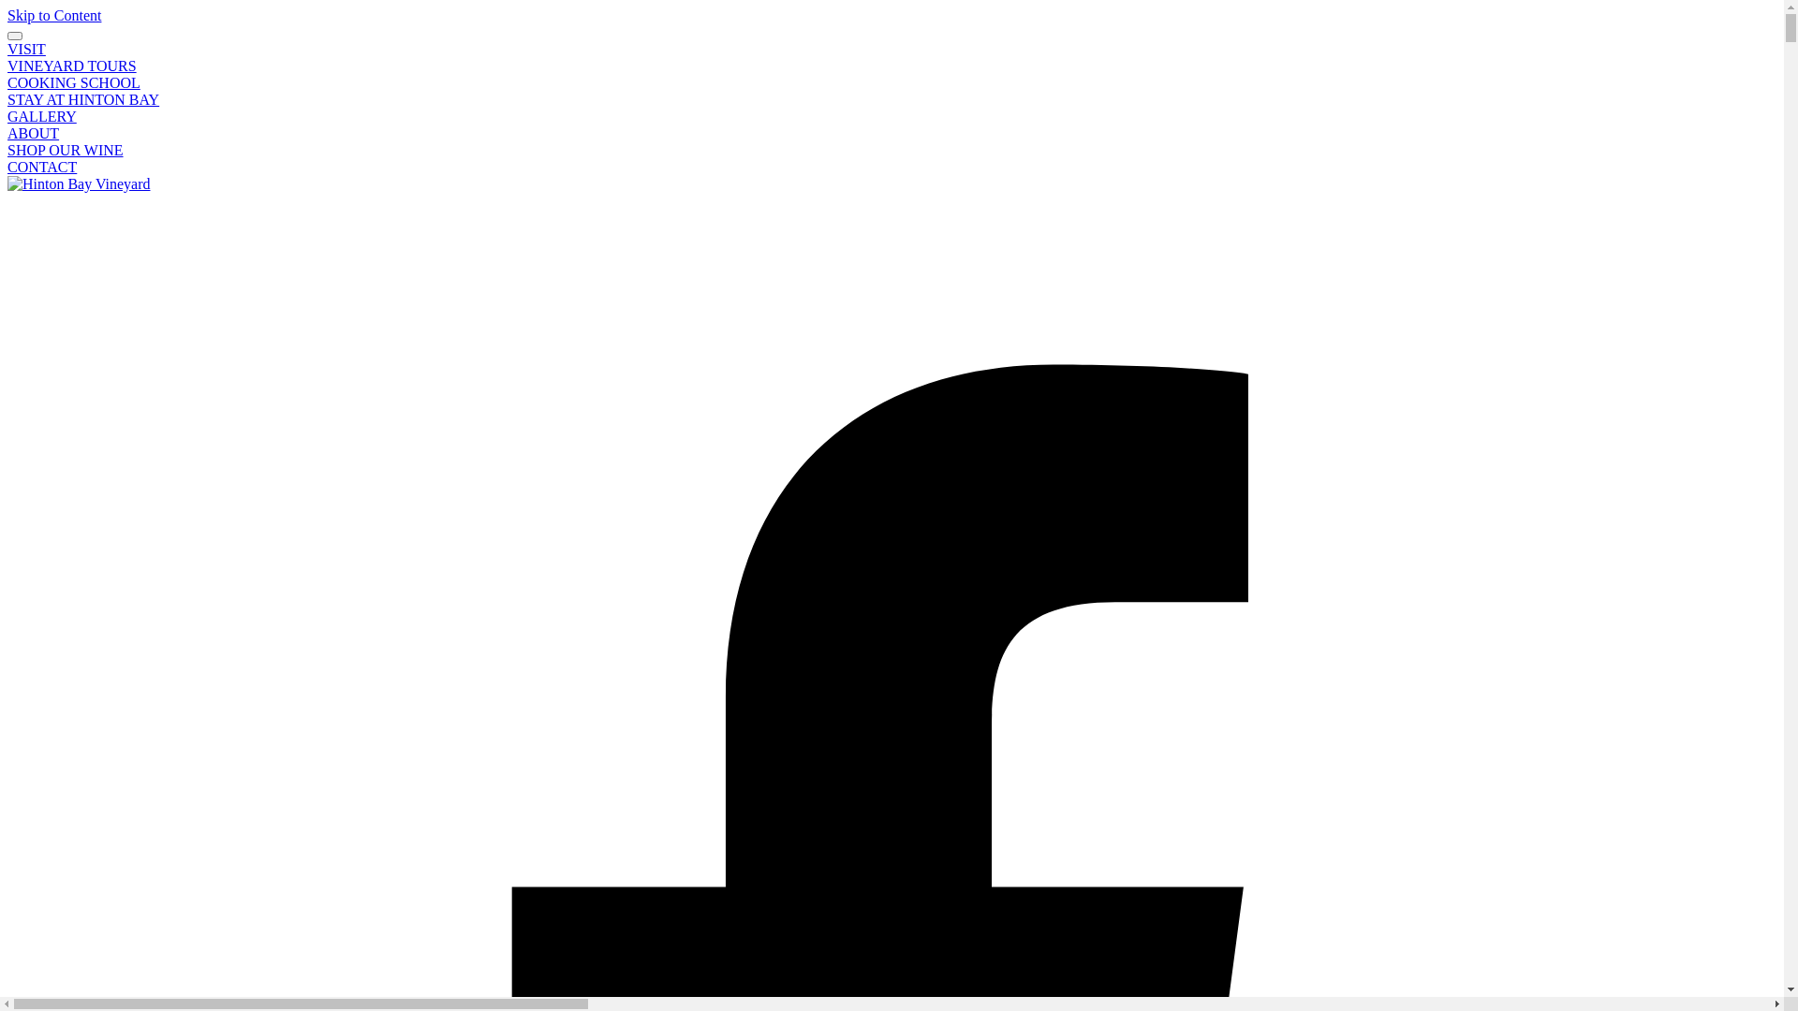 The height and width of the screenshot is (1011, 1798). Describe the element at coordinates (7, 99) in the screenshot. I see `'STAY AT HINTON BAY'` at that location.